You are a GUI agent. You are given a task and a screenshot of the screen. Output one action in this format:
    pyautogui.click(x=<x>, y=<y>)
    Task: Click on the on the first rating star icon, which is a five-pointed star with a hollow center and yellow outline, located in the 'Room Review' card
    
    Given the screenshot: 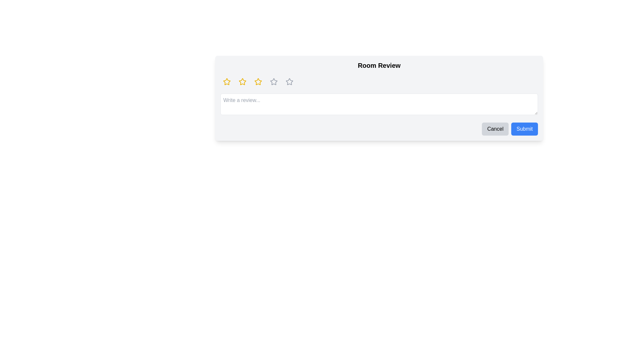 What is the action you would take?
    pyautogui.click(x=227, y=81)
    